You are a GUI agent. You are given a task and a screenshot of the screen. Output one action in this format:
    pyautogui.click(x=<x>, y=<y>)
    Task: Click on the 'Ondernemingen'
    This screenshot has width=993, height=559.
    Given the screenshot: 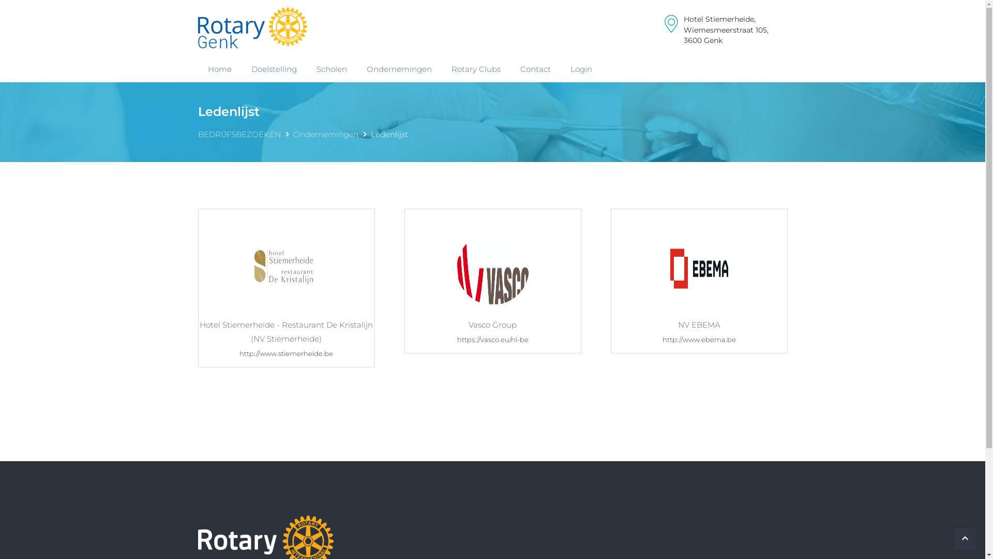 What is the action you would take?
    pyautogui.click(x=399, y=69)
    